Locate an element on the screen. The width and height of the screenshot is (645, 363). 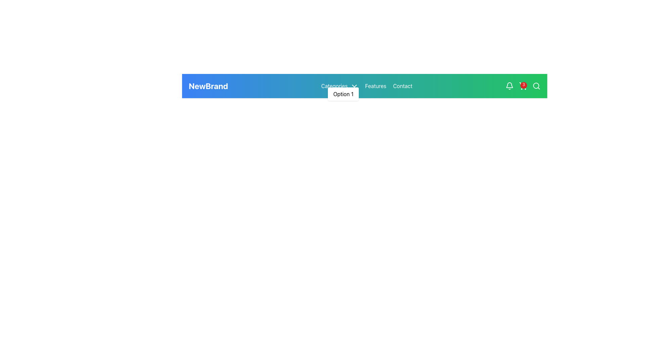
the navigation bar at the specified coordinates is located at coordinates (364, 85).